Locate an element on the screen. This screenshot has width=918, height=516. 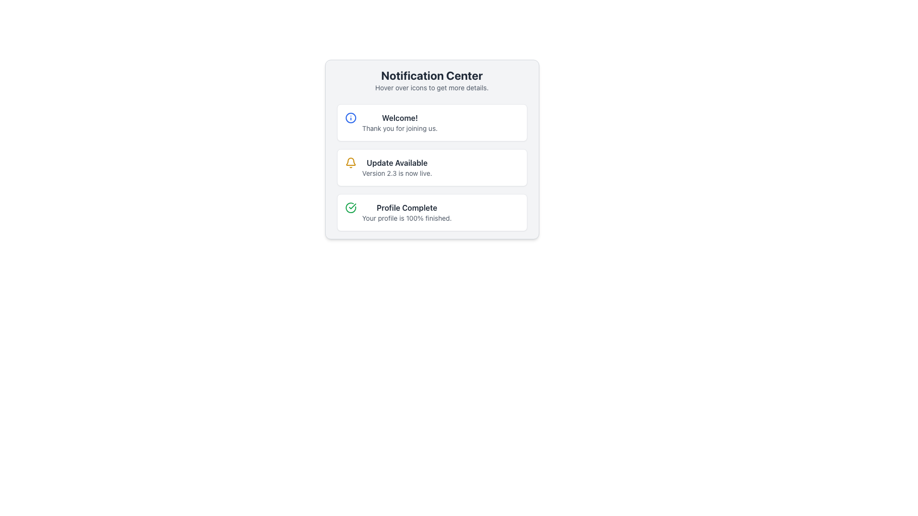
the Text Display element in the third notification card of the Notification Center that confirms the user's profile is completely set up is located at coordinates (407, 212).